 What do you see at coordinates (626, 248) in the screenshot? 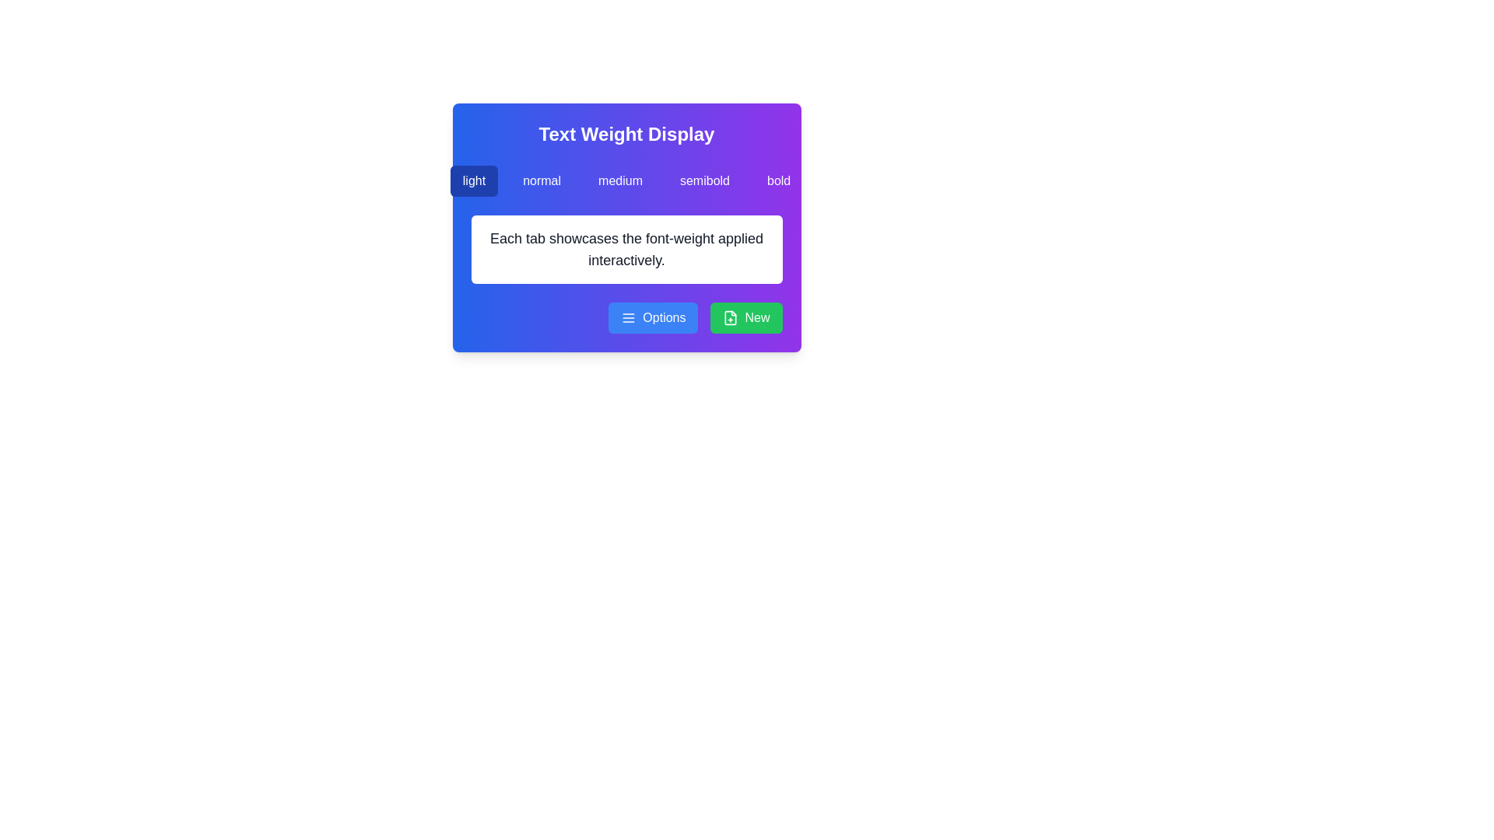
I see `the text label that displays the phrase 'Each tab showcases the font-weight applied interactively.' which is located within a white card-like structure below the header 'Text Weight Display'` at bounding box center [626, 248].